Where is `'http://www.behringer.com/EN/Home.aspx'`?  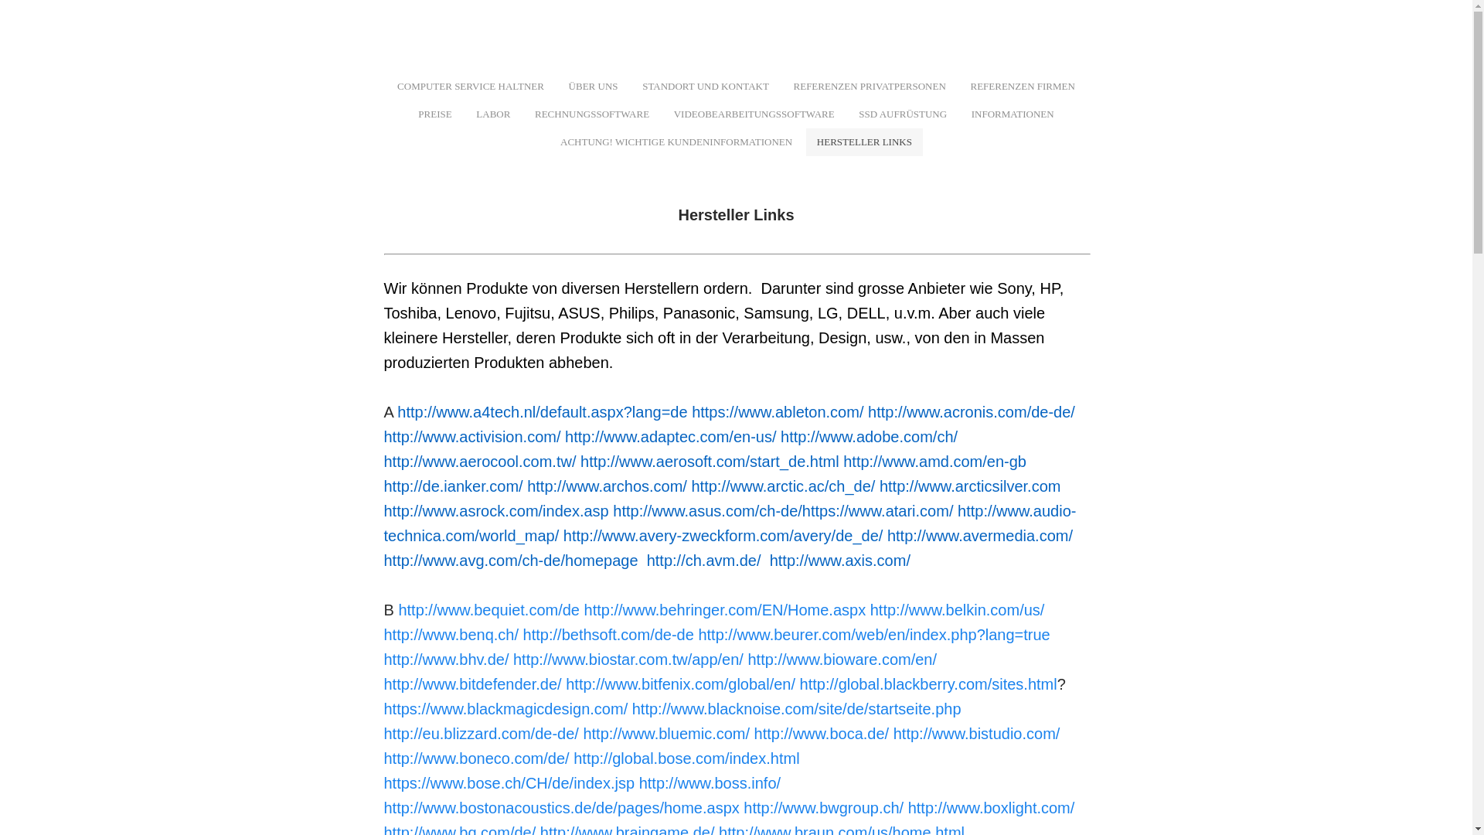 'http://www.behringer.com/EN/Home.aspx' is located at coordinates (724, 609).